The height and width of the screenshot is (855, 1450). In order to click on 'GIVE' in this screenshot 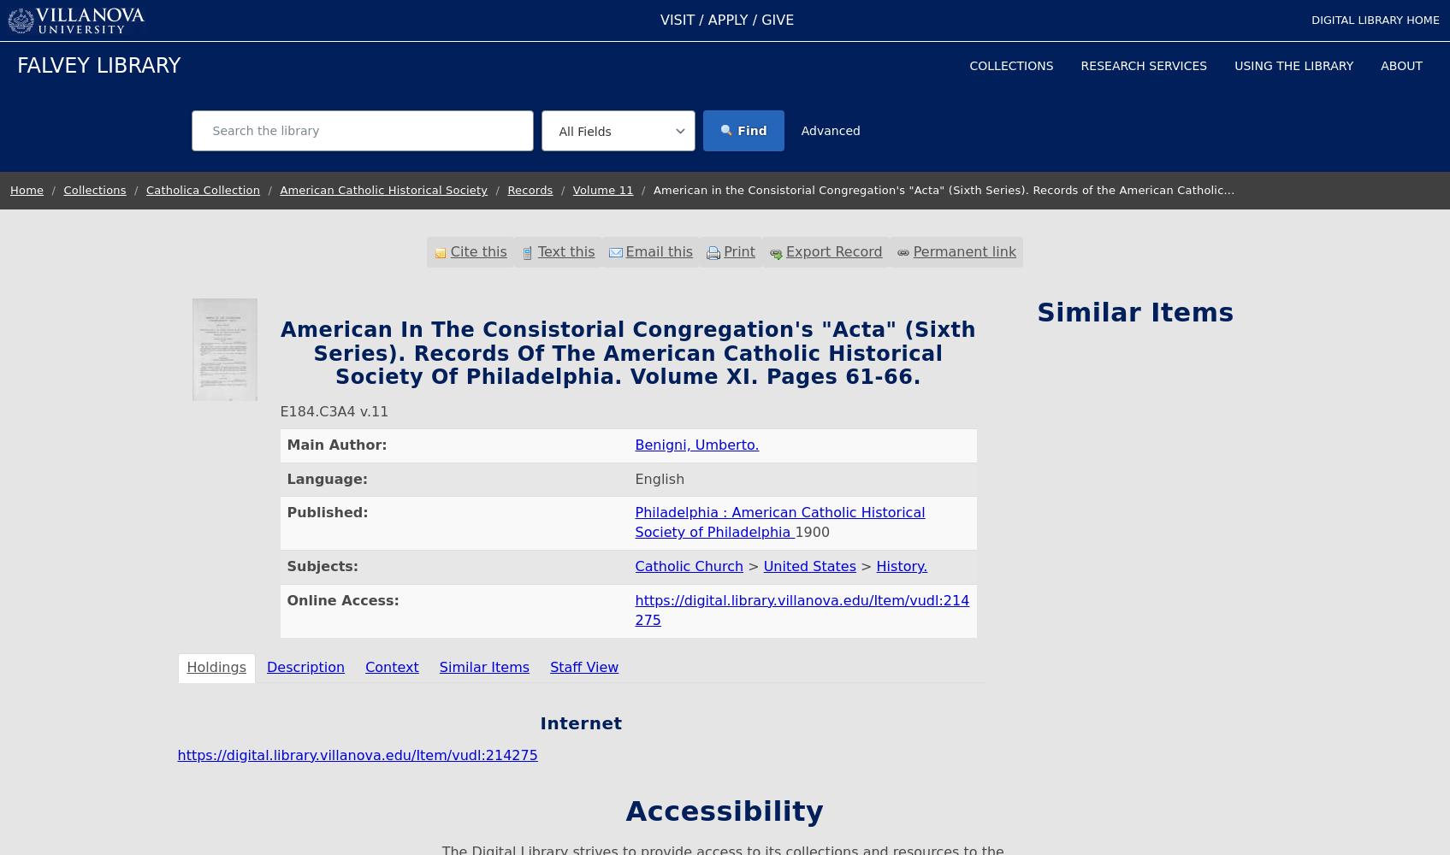, I will do `click(777, 20)`.